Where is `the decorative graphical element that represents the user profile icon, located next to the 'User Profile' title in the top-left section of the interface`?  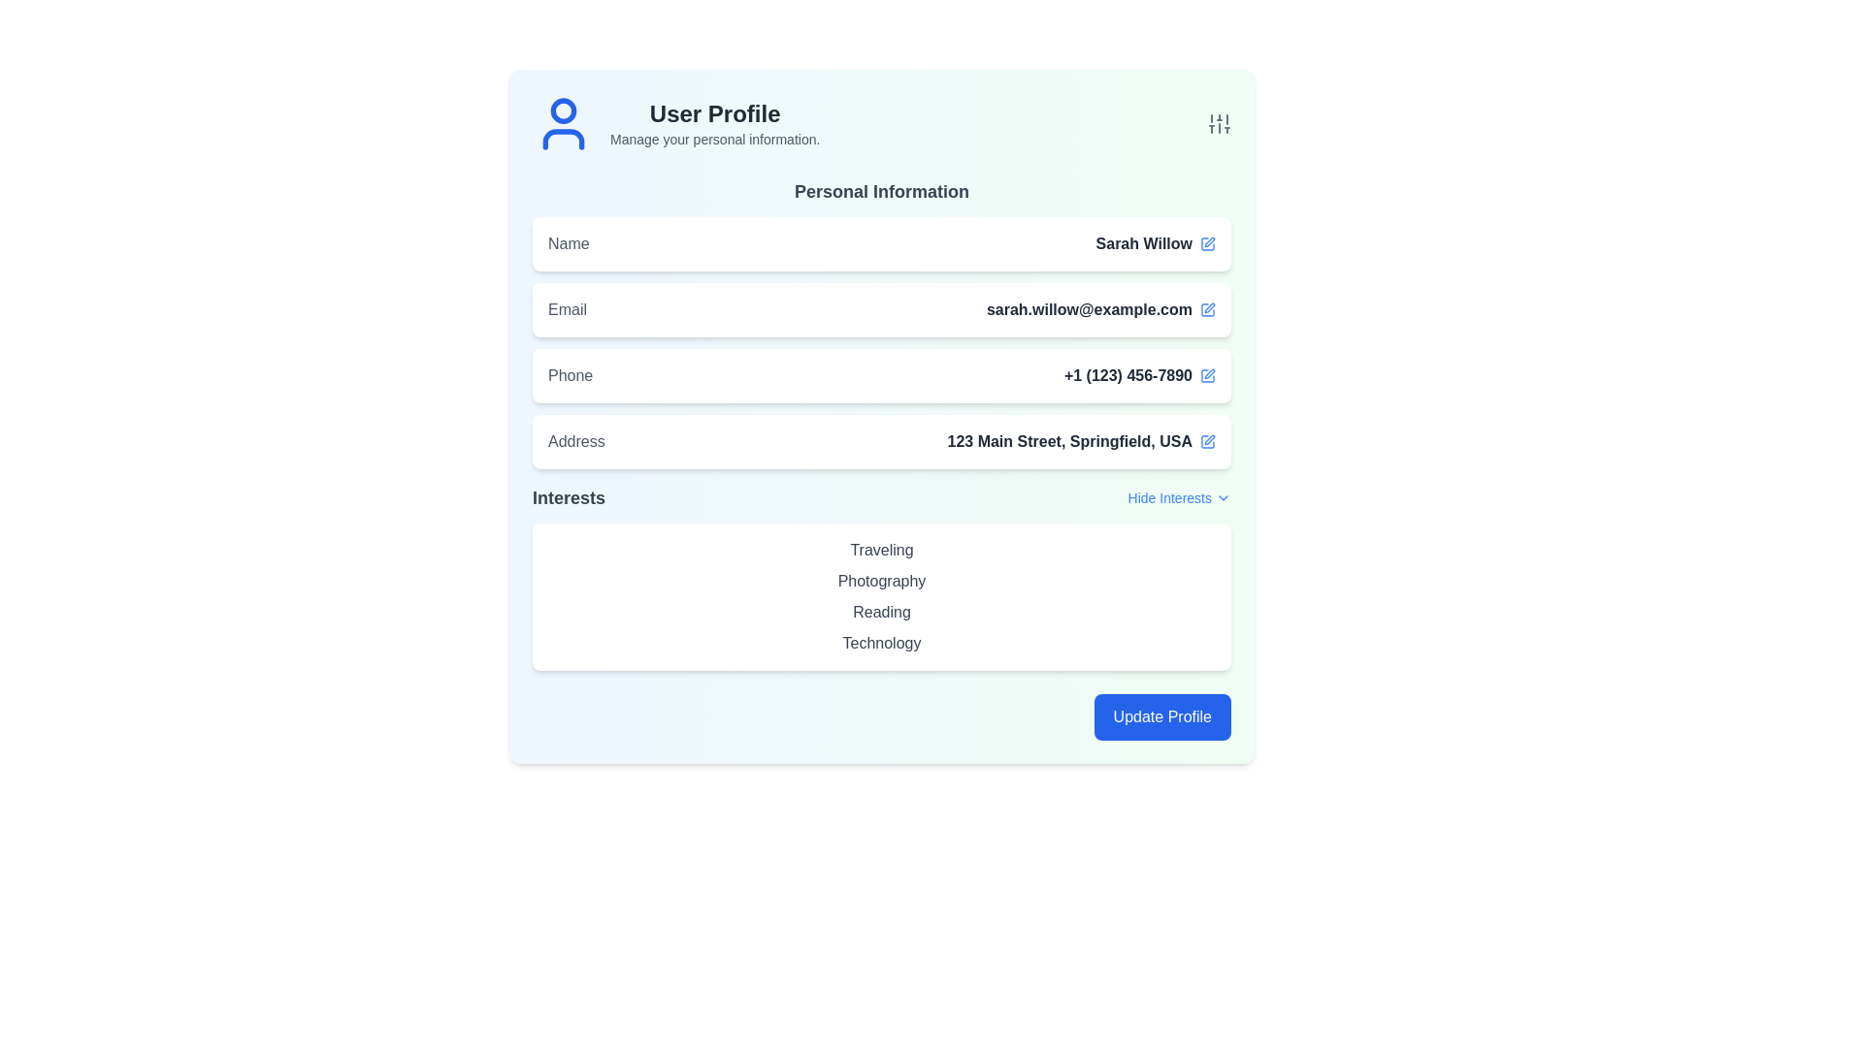 the decorative graphical element that represents the user profile icon, located next to the 'User Profile' title in the top-left section of the interface is located at coordinates (562, 111).